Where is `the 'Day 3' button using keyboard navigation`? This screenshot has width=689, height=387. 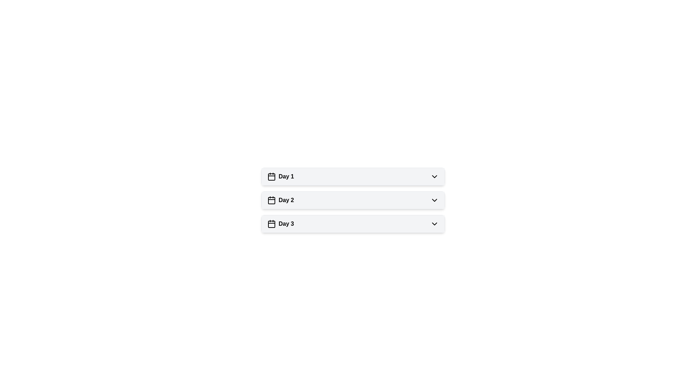 the 'Day 3' button using keyboard navigation is located at coordinates (353, 223).